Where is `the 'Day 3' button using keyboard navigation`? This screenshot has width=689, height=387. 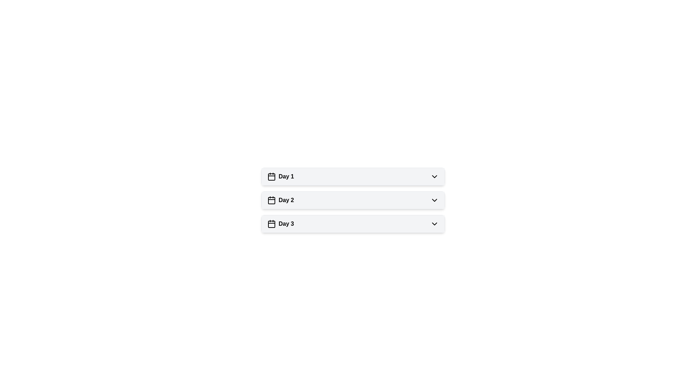 the 'Day 3' button using keyboard navigation is located at coordinates (353, 223).